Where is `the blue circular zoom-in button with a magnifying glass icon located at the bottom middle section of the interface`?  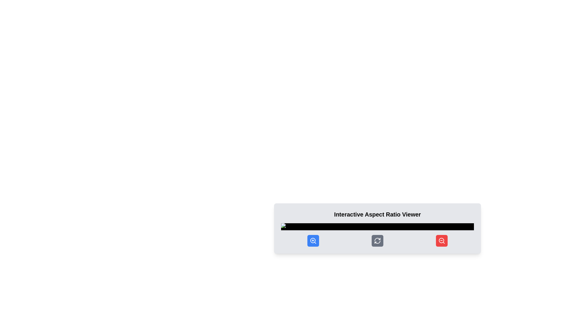
the blue circular zoom-in button with a magnifying glass icon located at the bottom middle section of the interface is located at coordinates (313, 241).